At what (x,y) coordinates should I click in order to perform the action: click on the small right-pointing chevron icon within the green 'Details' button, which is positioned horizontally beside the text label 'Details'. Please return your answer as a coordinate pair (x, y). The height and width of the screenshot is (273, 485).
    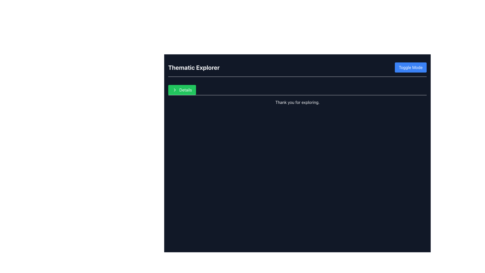
    Looking at the image, I should click on (175, 89).